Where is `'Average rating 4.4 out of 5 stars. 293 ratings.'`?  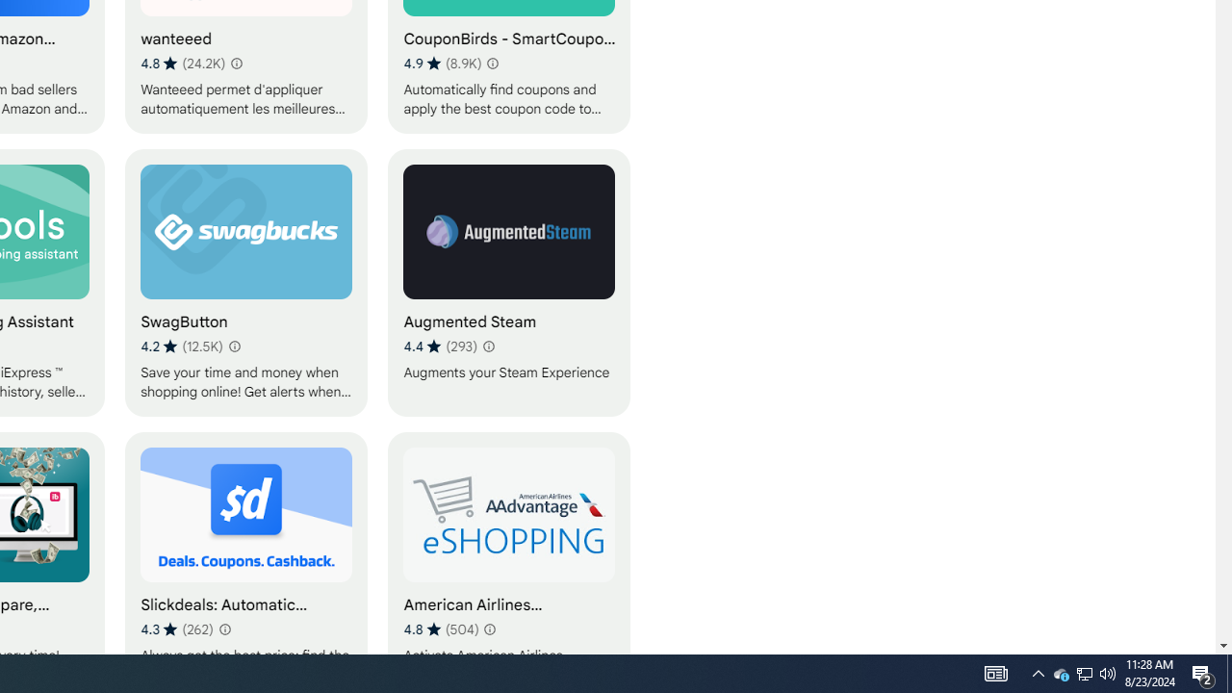
'Average rating 4.4 out of 5 stars. 293 ratings.' is located at coordinates (439, 346).